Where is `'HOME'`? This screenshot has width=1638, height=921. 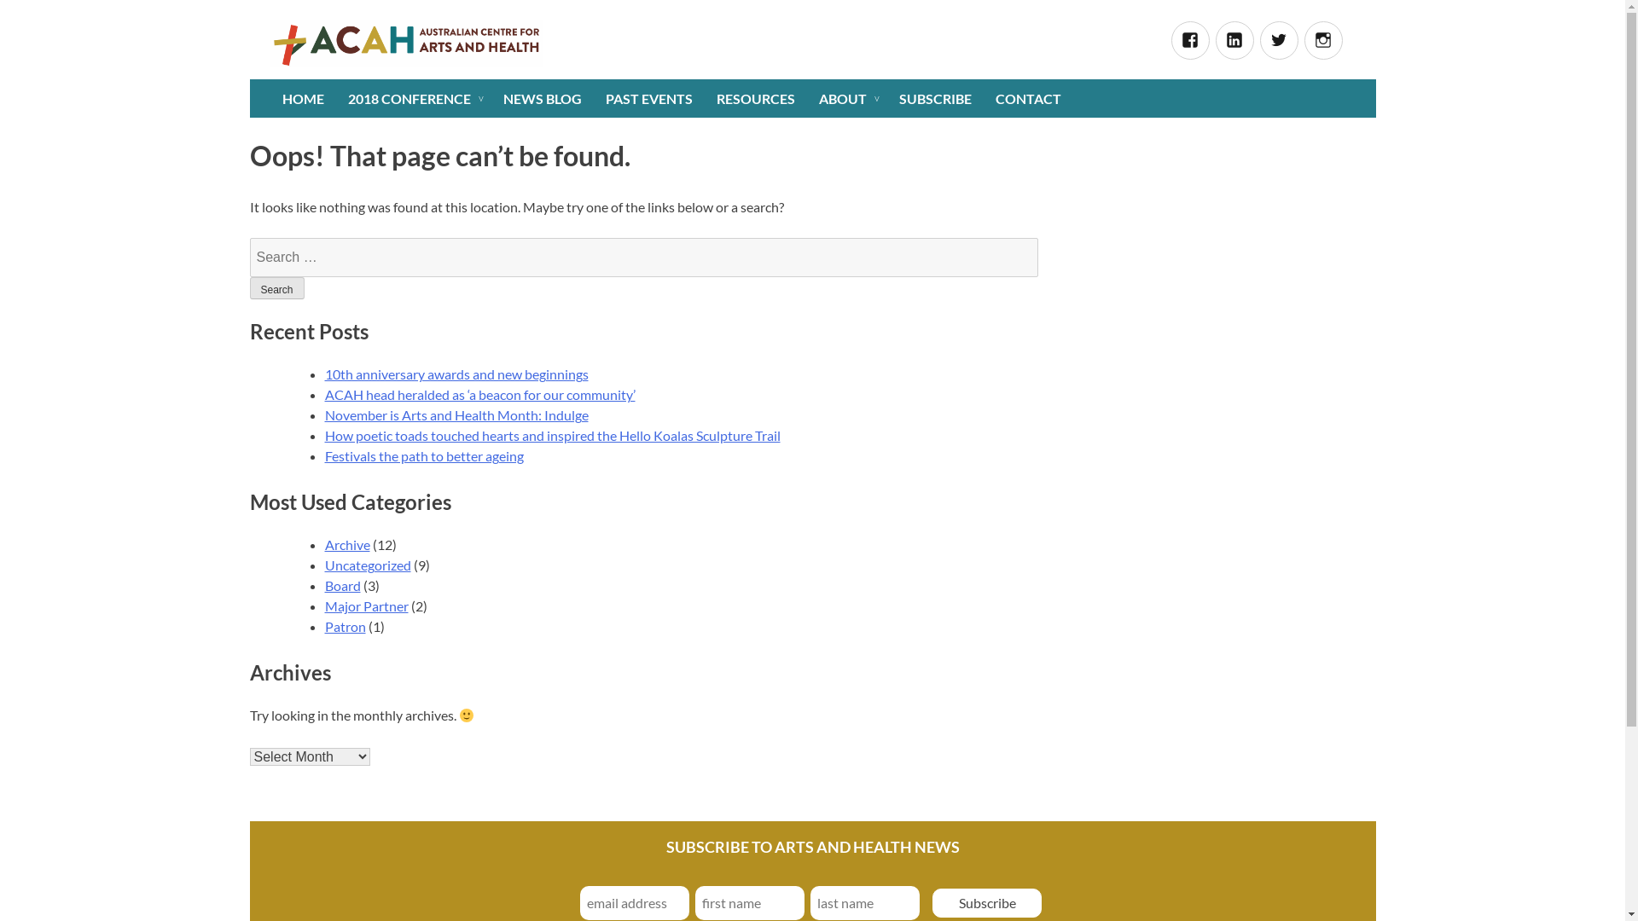 'HOME' is located at coordinates (302, 98).